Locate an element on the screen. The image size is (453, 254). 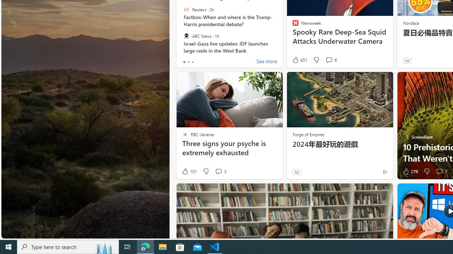
'tab-2' is located at coordinates (193, 62).